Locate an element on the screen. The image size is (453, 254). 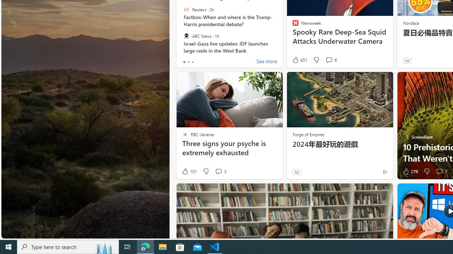
'tab-2' is located at coordinates (193, 62).